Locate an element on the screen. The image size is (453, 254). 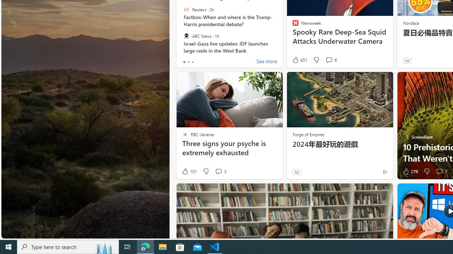
'tab-2' is located at coordinates (193, 62).